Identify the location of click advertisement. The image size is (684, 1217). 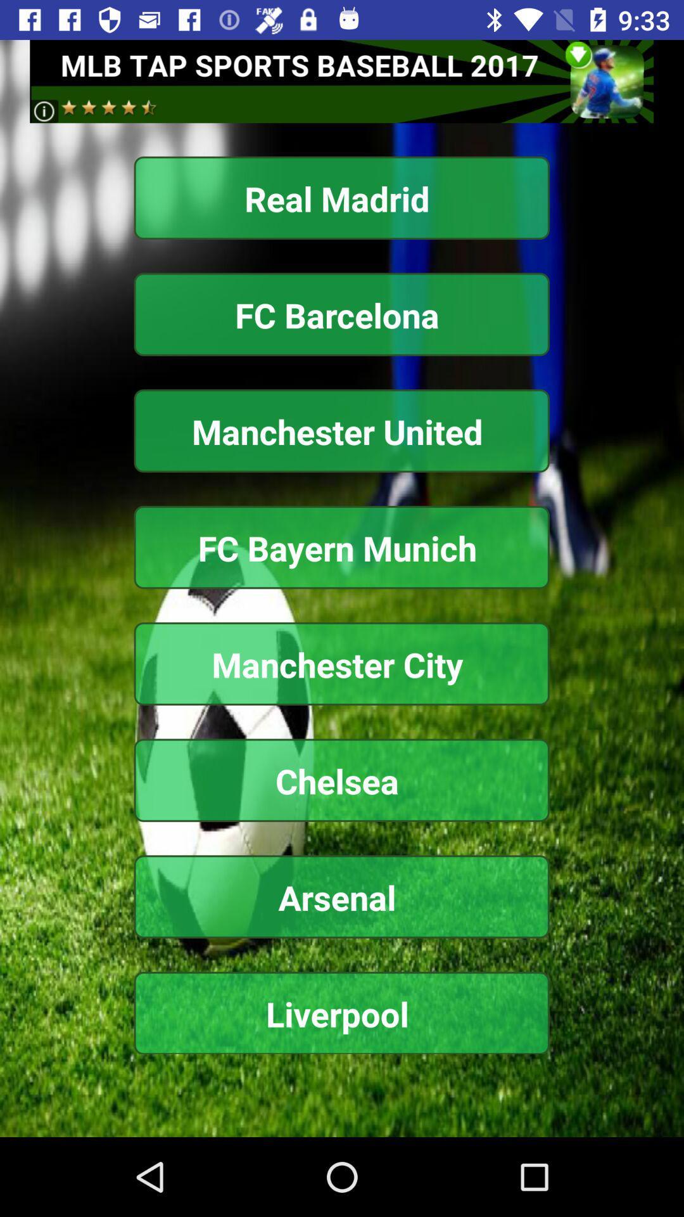
(341, 80).